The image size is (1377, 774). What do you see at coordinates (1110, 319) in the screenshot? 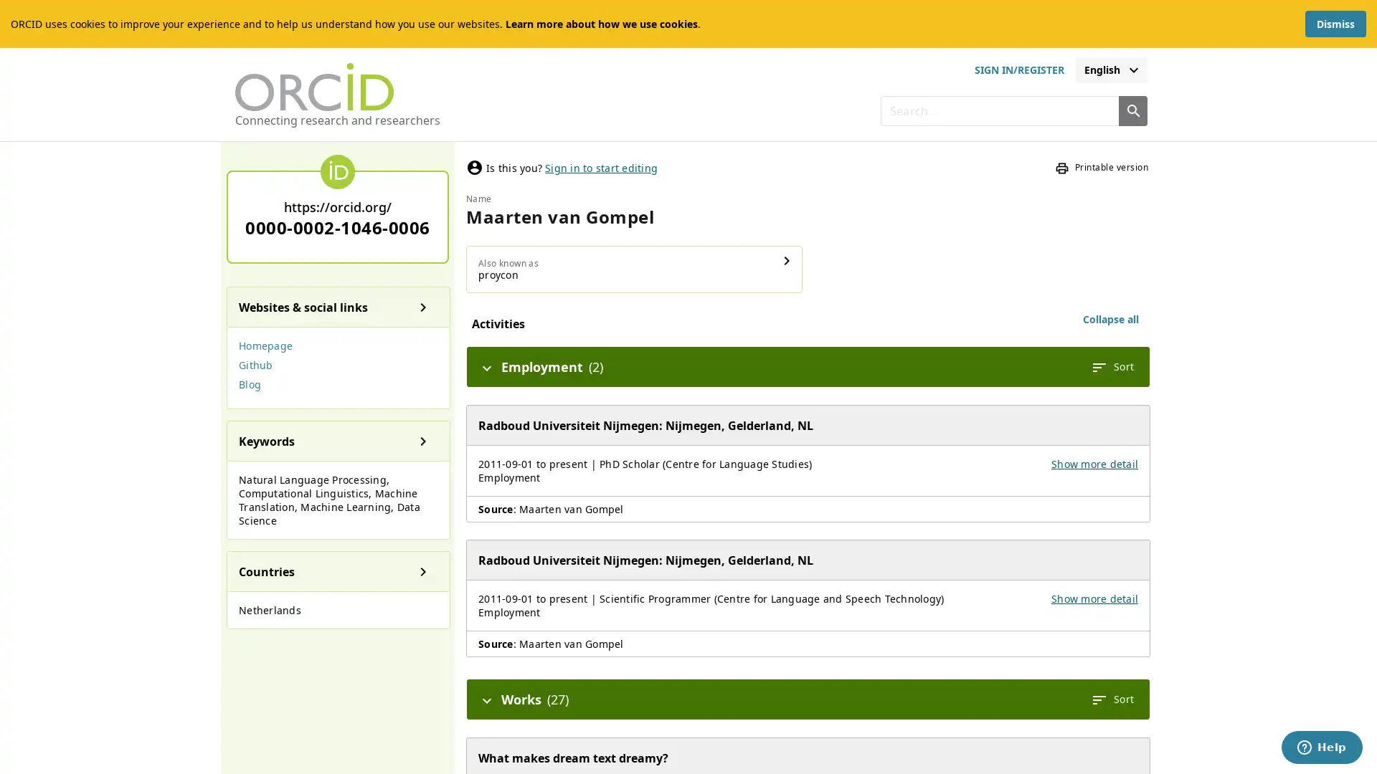
I see `Collapse all` at bounding box center [1110, 319].